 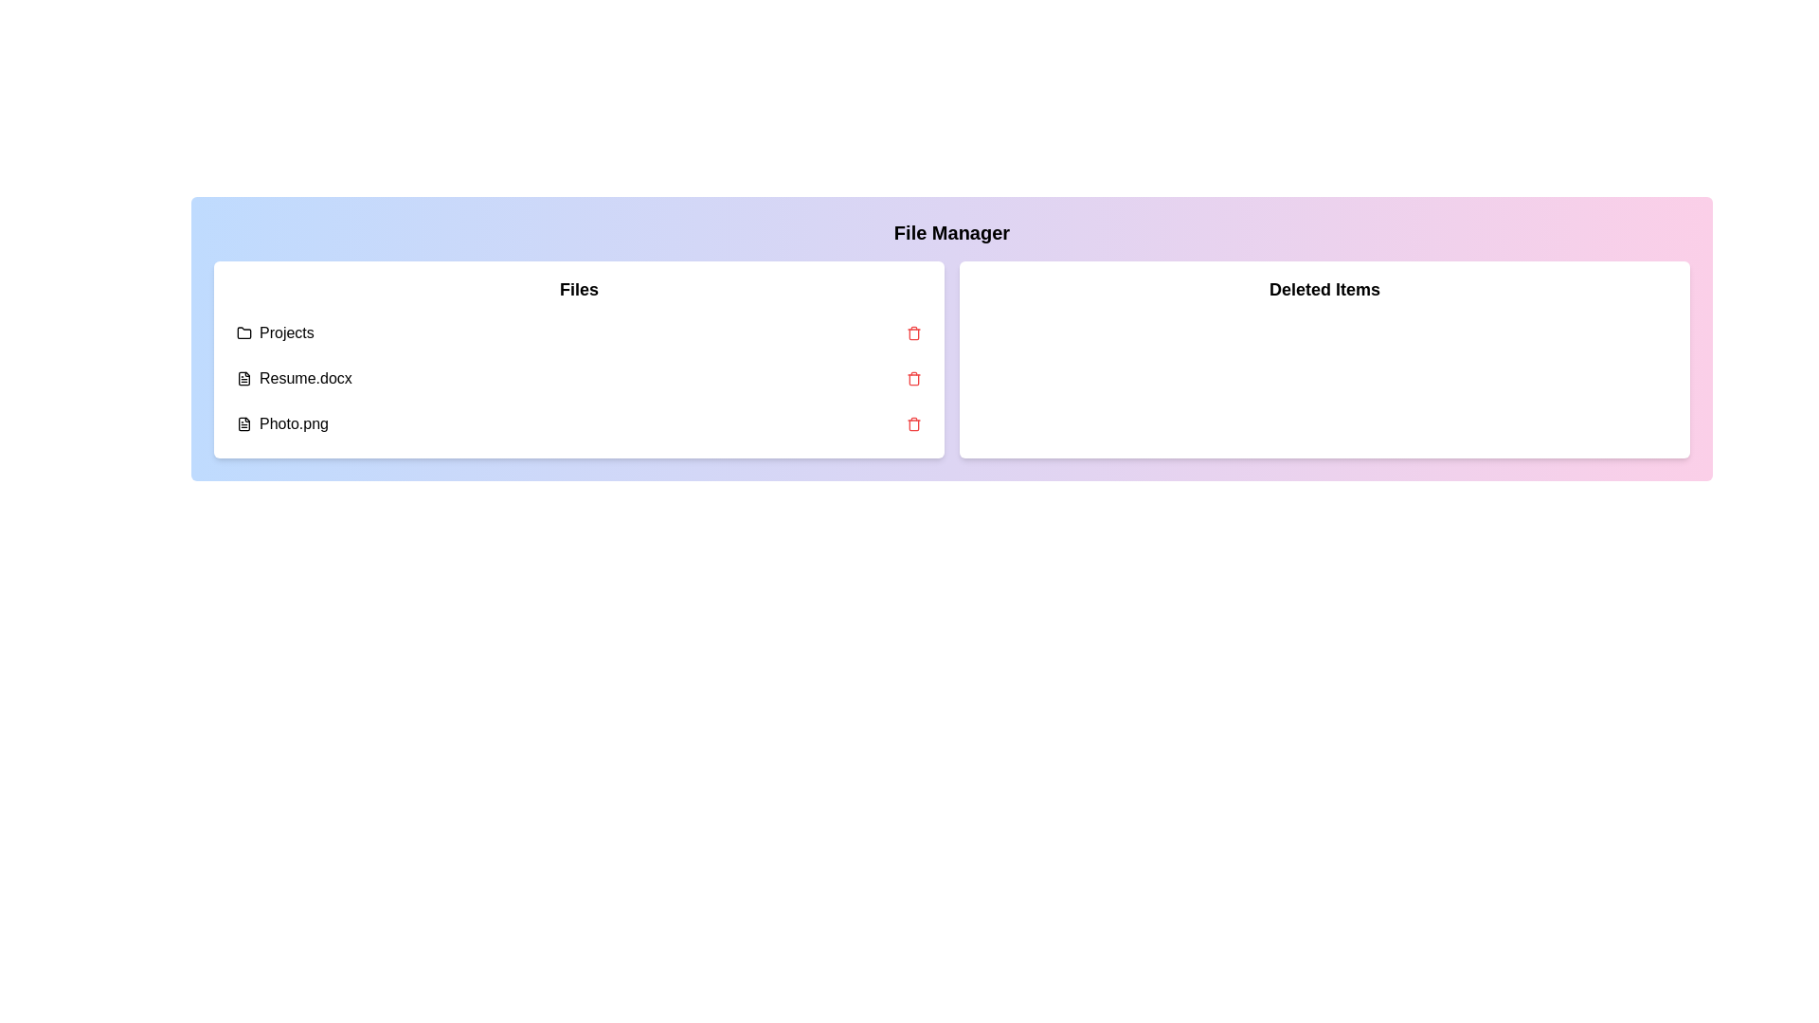 What do you see at coordinates (913, 332) in the screenshot?
I see `delete button next to the file Projects` at bounding box center [913, 332].